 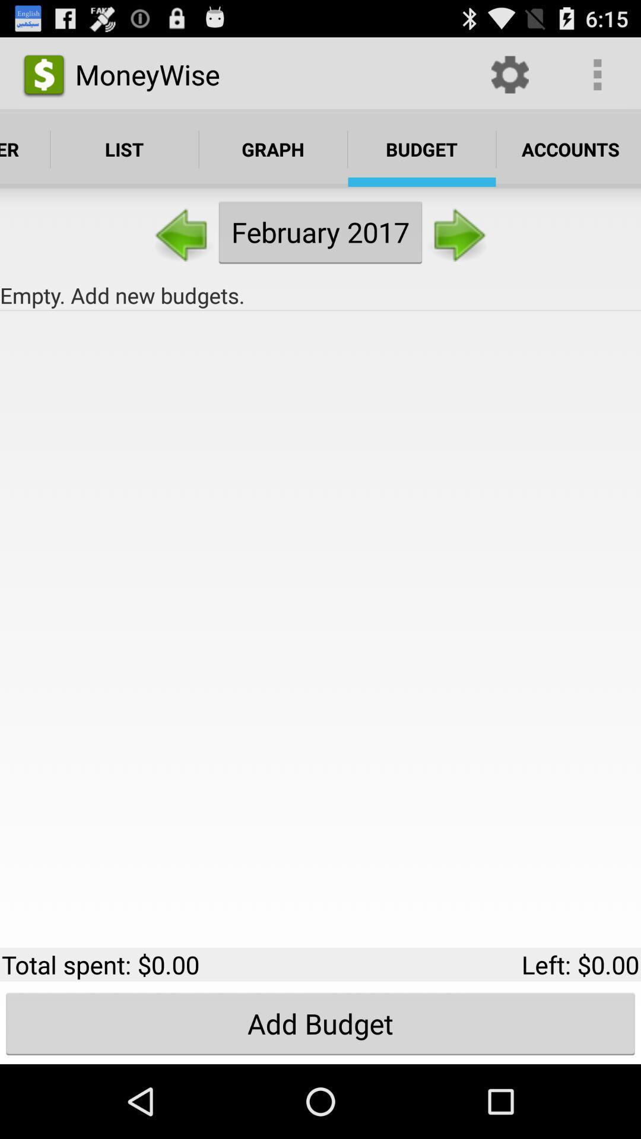 What do you see at coordinates (183, 247) in the screenshot?
I see `the arrow_backward icon` at bounding box center [183, 247].